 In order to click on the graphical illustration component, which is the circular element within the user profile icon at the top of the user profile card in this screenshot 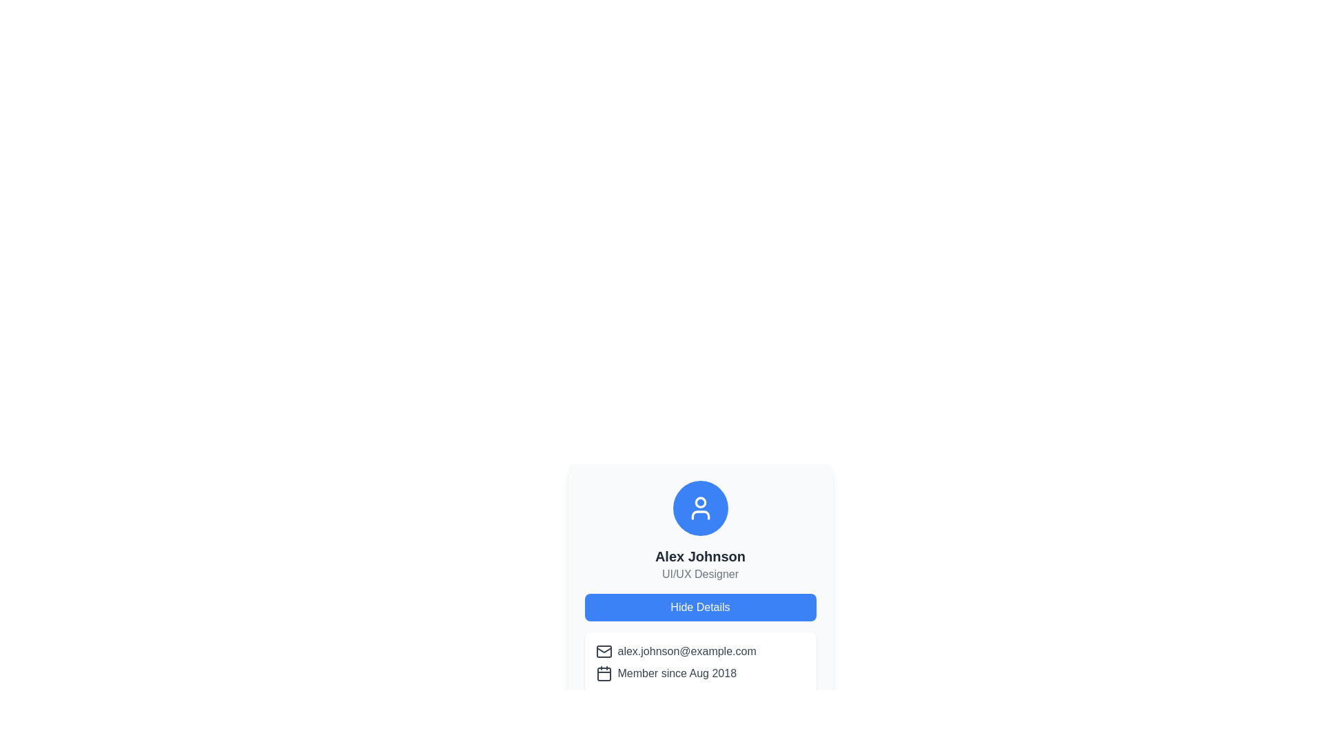, I will do `click(700, 502)`.